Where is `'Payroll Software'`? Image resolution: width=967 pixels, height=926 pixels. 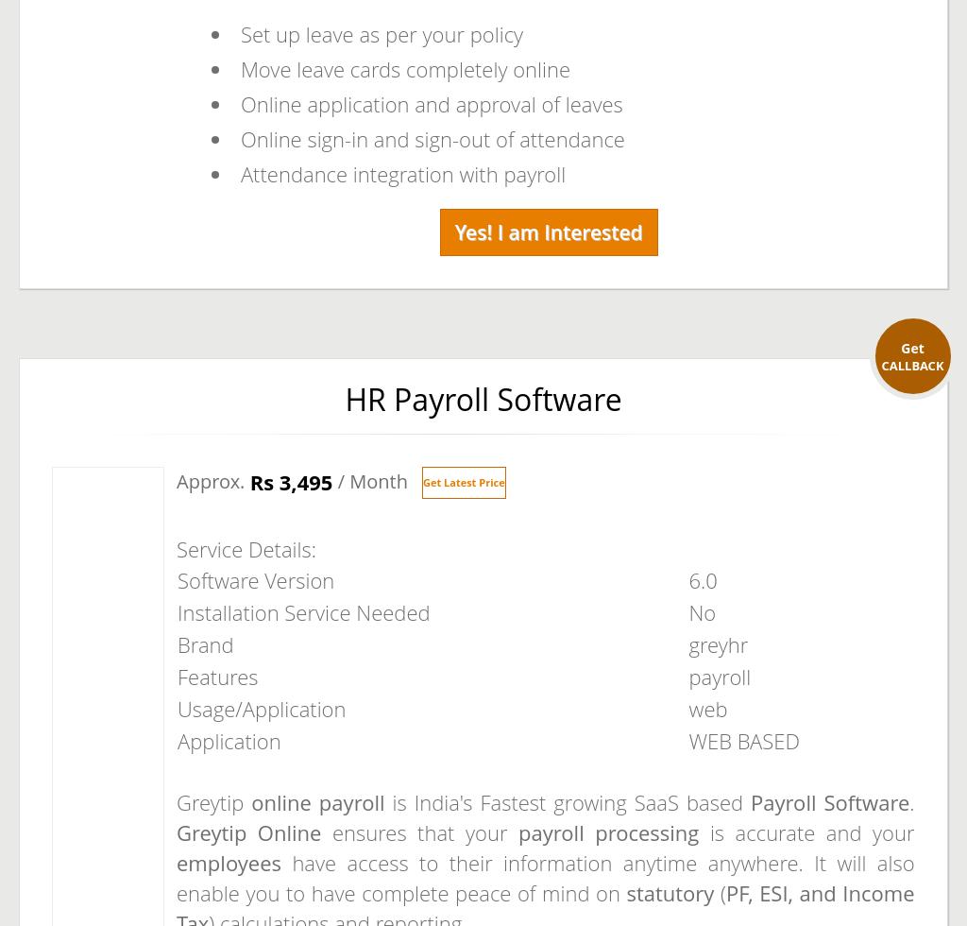
'Payroll Software' is located at coordinates (830, 801).